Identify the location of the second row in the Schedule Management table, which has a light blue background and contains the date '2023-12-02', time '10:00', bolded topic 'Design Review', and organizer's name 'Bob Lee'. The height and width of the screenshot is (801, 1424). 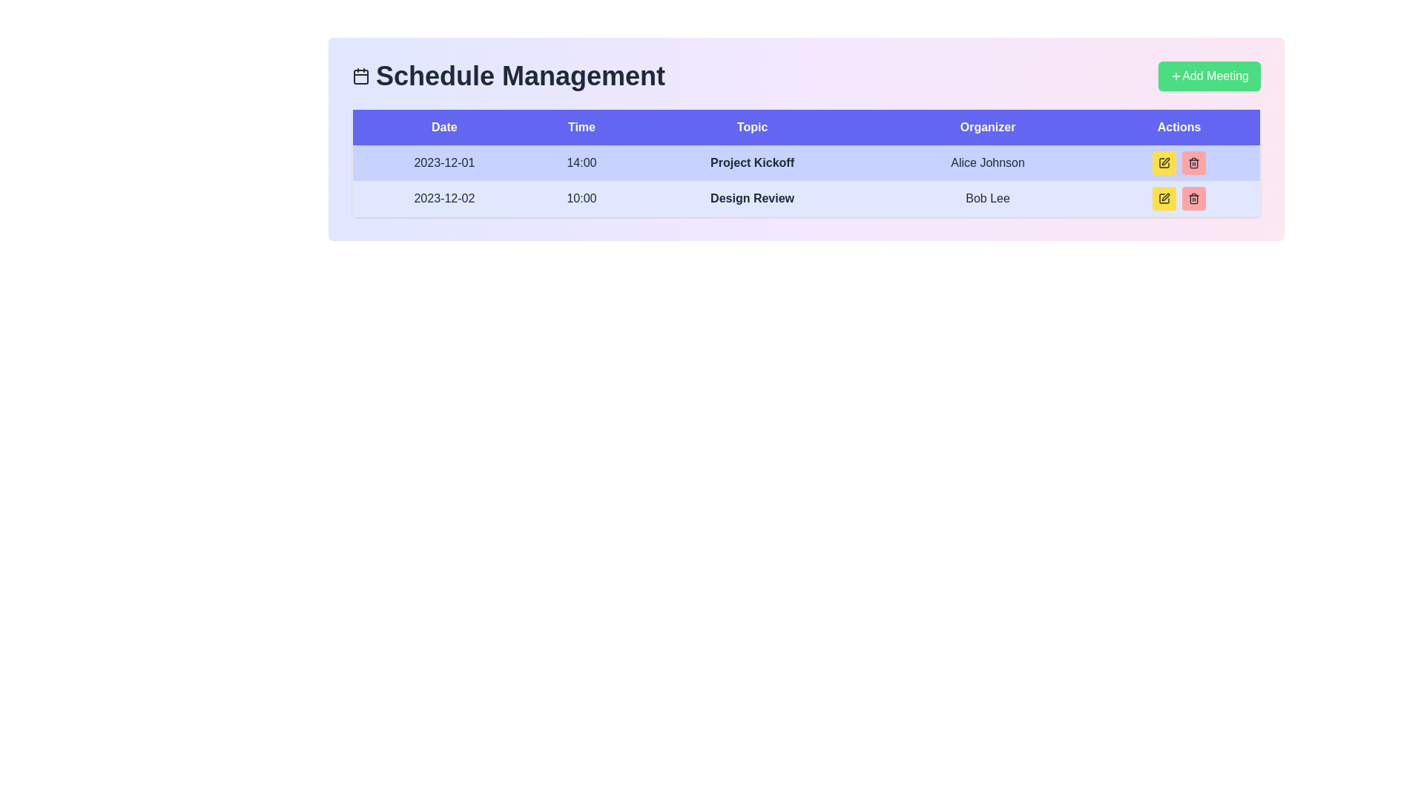
(805, 198).